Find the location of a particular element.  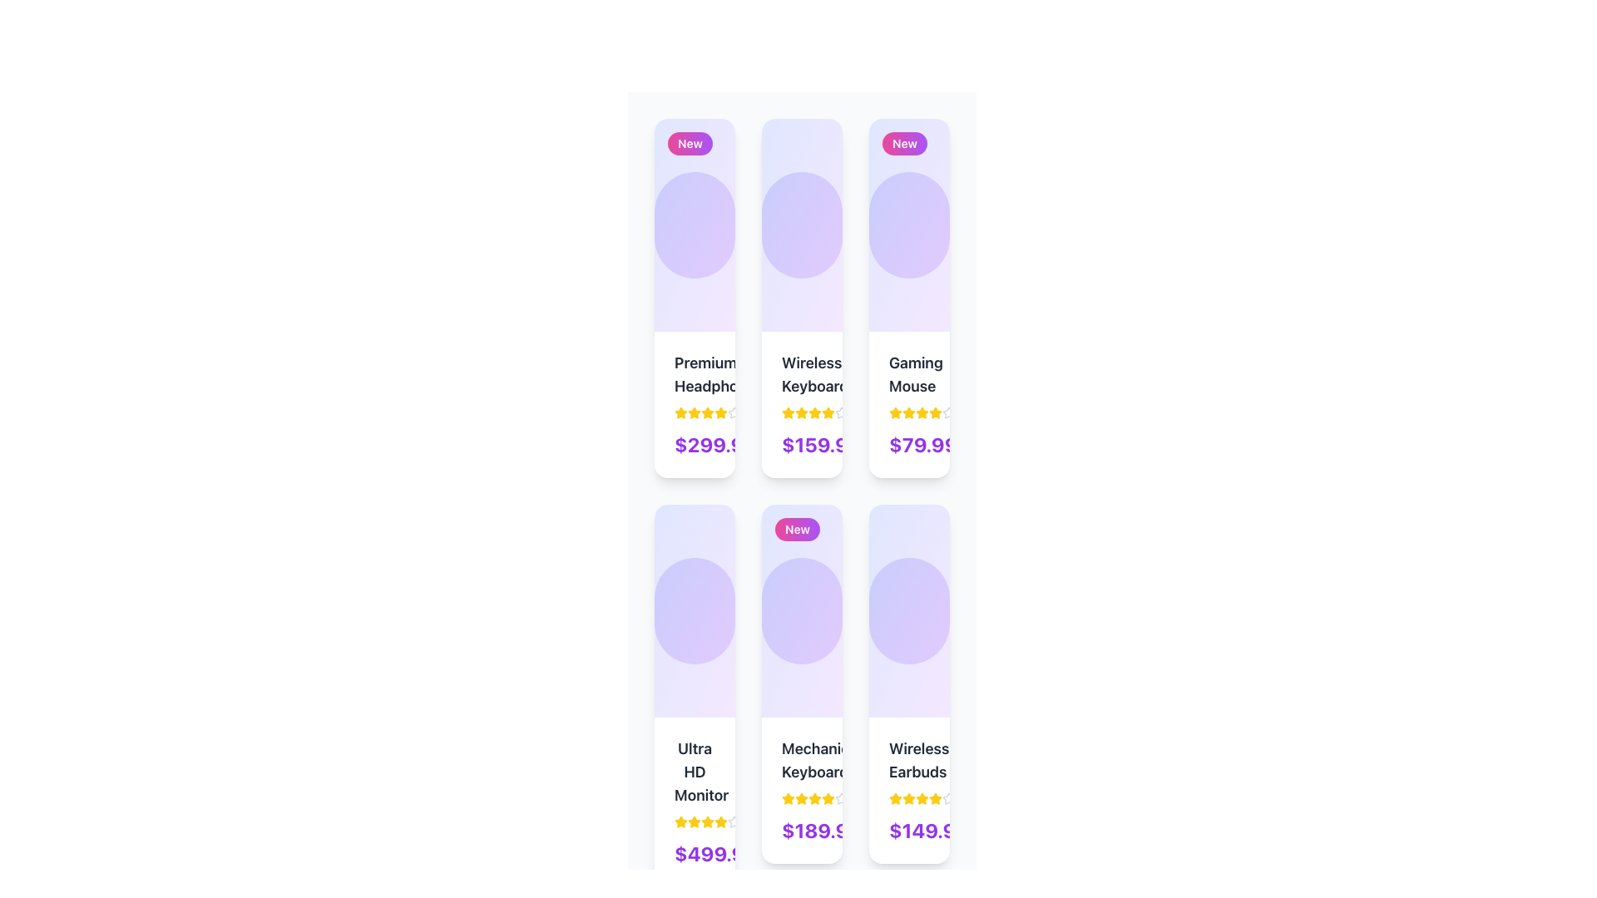

text label displaying the cost of the product located at the bottom-left of the price section in the first product card of the first row is located at coordinates (715, 444).